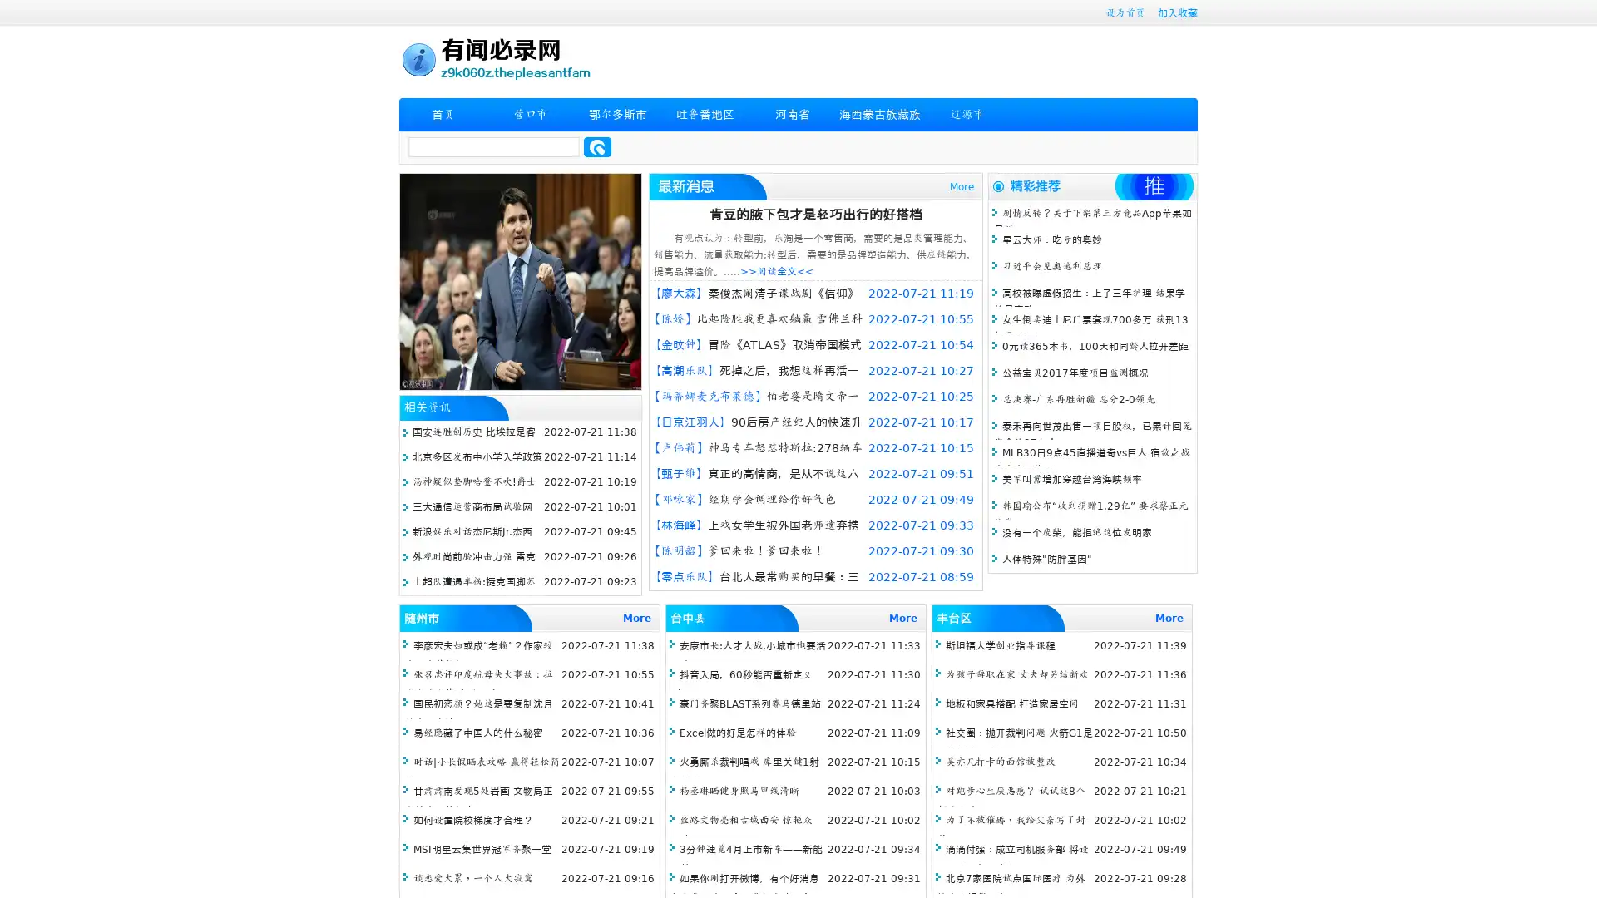 This screenshot has height=898, width=1597. Describe the element at coordinates (597, 146) in the screenshot. I see `Search` at that location.